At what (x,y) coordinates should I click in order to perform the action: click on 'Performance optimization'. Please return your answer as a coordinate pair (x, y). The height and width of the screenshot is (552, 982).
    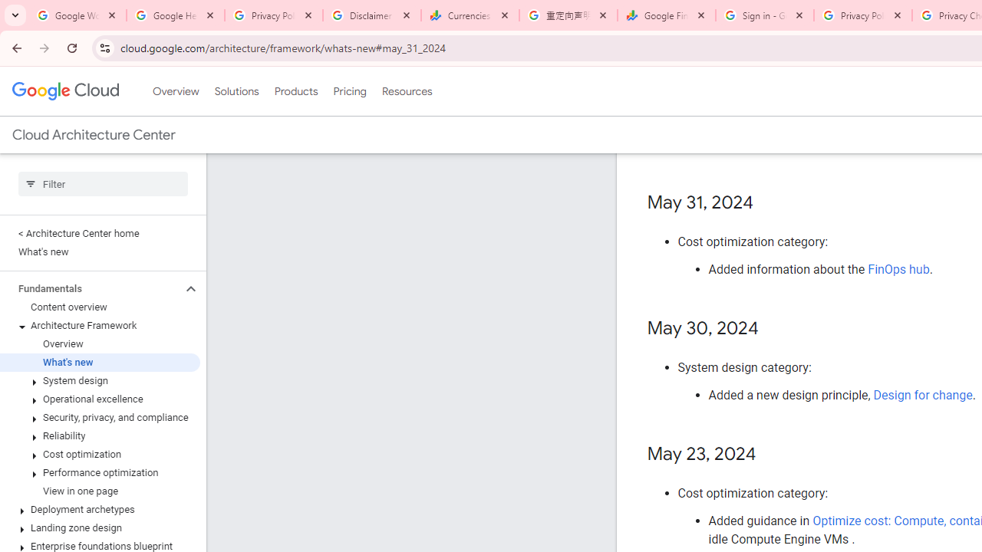
    Looking at the image, I should click on (99, 472).